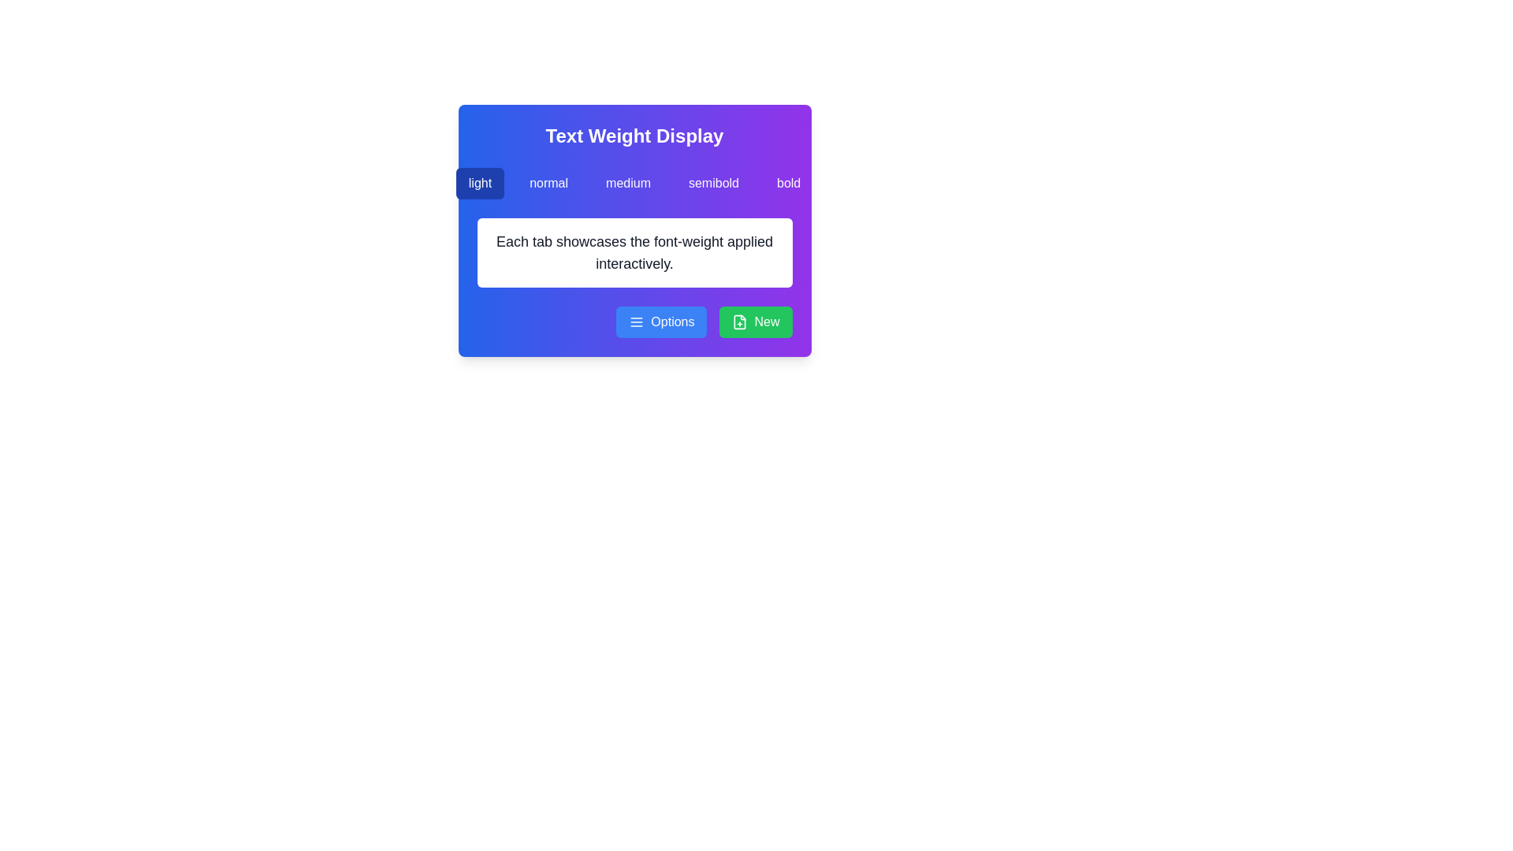 The image size is (1513, 851). Describe the element at coordinates (767, 321) in the screenshot. I see `the text label indicating a new feature on the green button located in the bottom-right corner of the card interface, adjacent to the 'Options' button` at that location.